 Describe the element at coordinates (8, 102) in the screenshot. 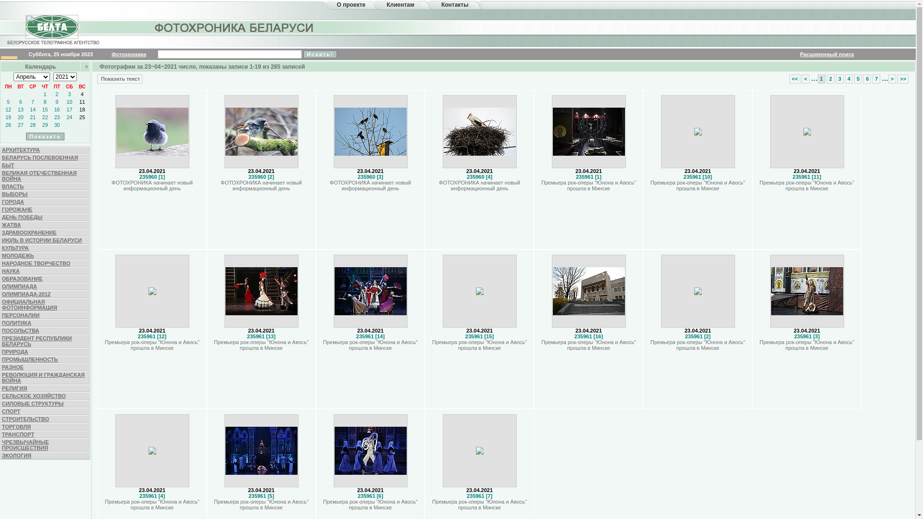

I see `'5'` at that location.